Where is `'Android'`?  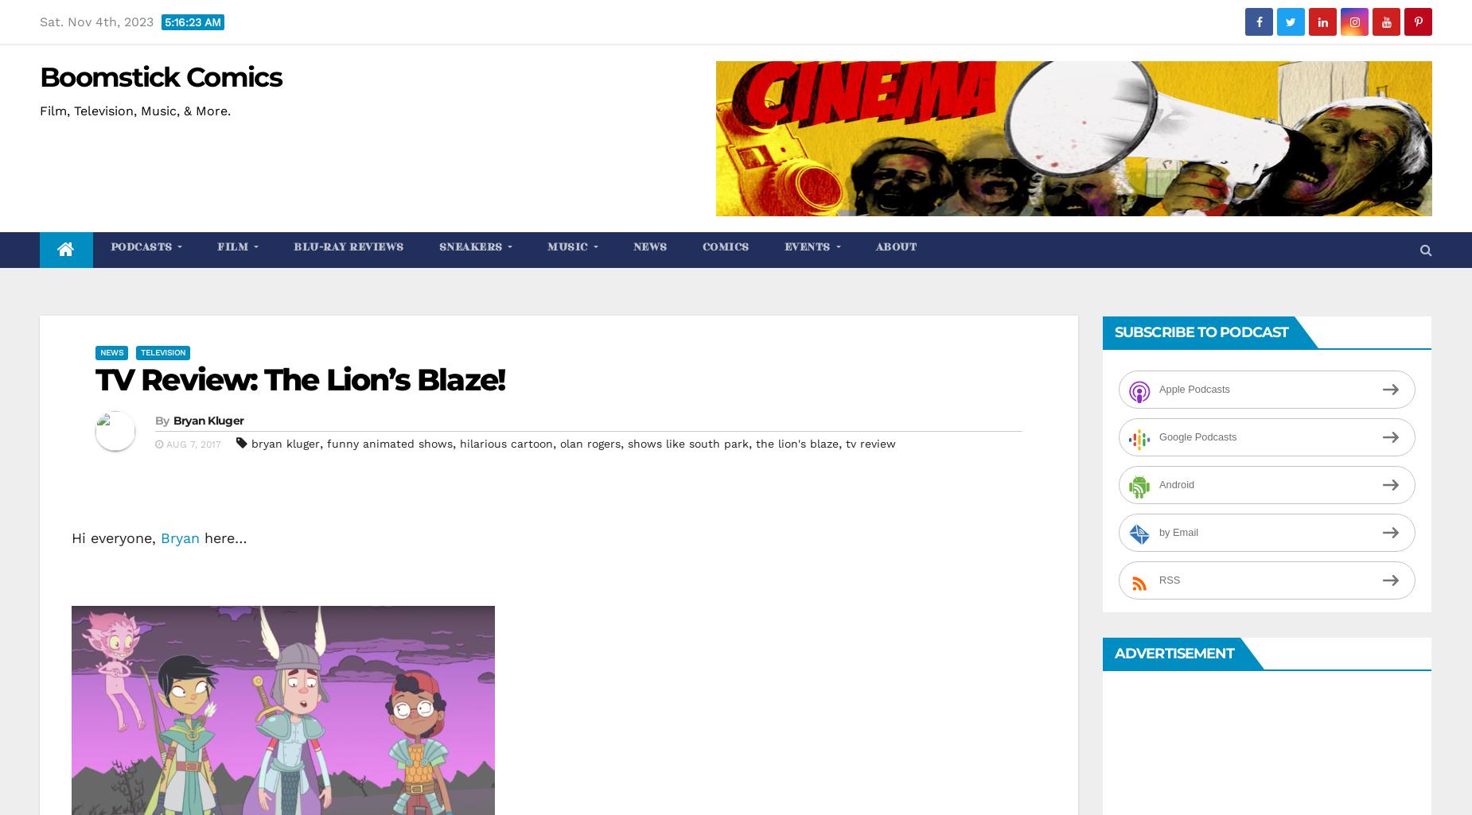 'Android' is located at coordinates (1177, 483).